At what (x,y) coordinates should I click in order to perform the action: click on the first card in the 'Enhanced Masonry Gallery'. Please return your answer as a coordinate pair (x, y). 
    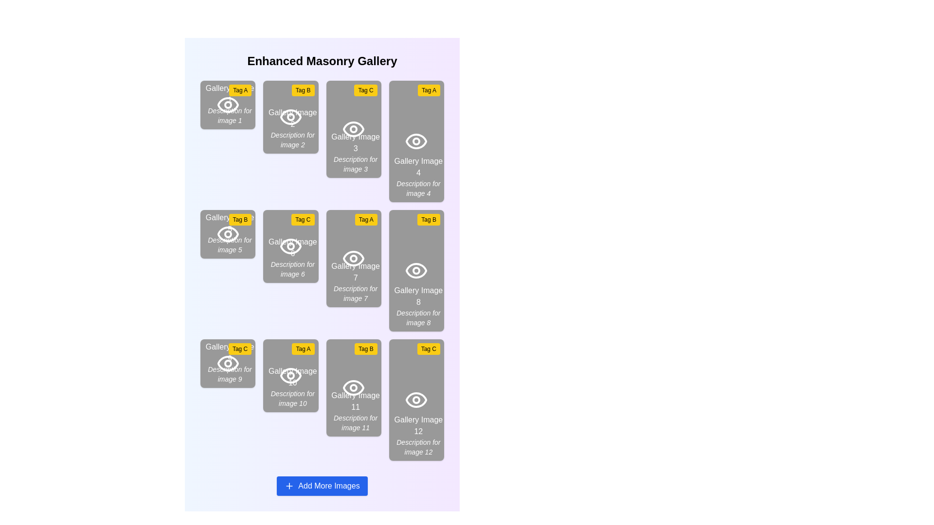
    Looking at the image, I should click on (227, 105).